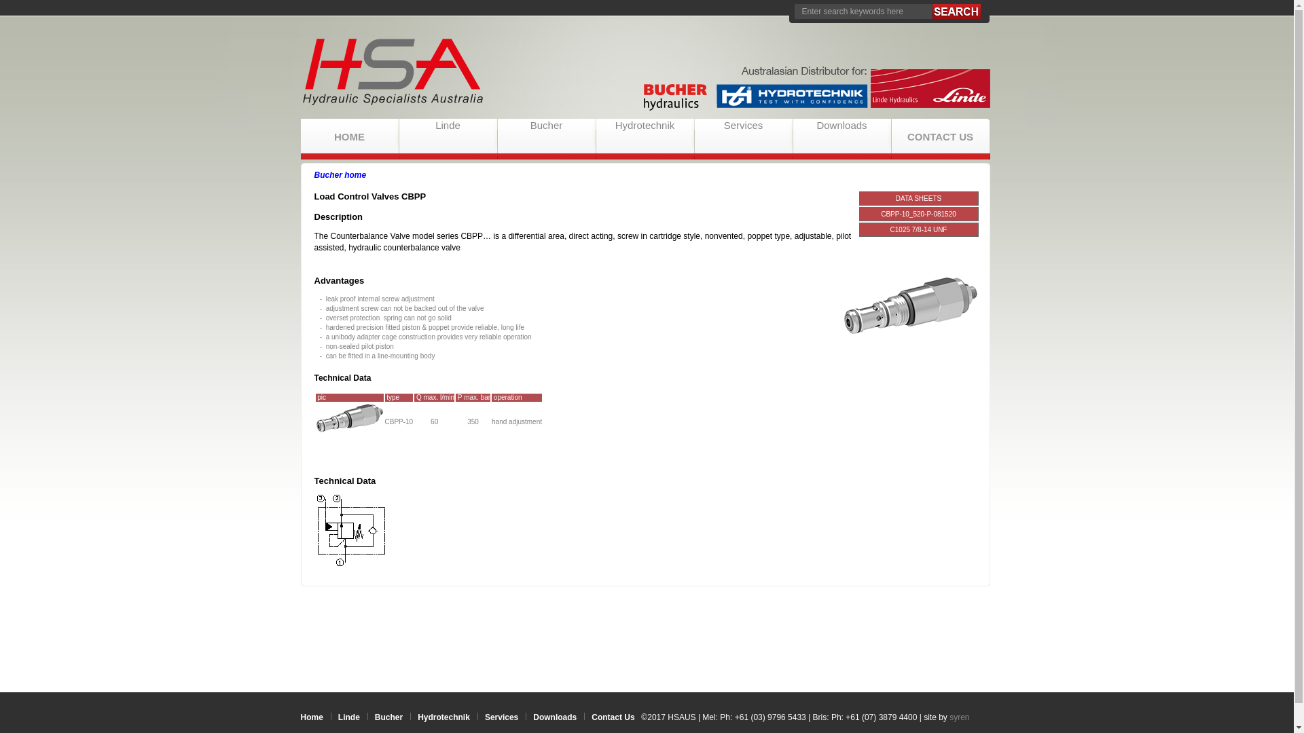 The width and height of the screenshot is (1304, 733). What do you see at coordinates (645, 73) in the screenshot?
I see `'HSAUS'` at bounding box center [645, 73].